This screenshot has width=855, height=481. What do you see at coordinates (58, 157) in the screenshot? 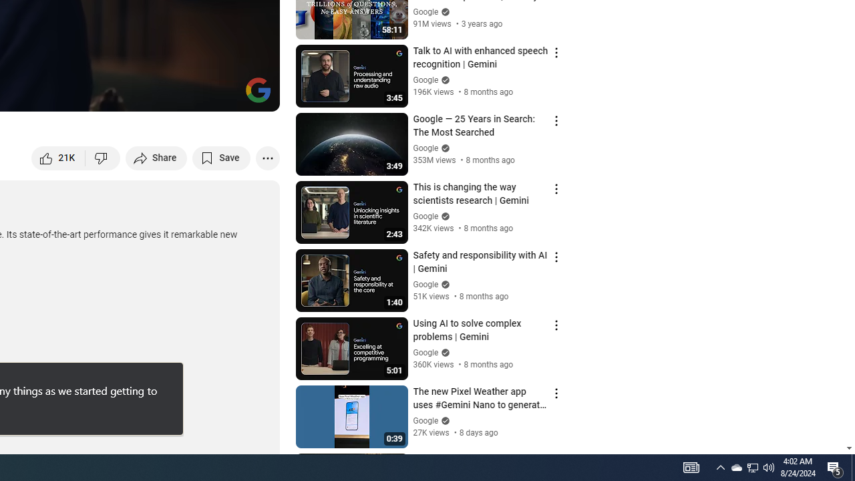
I see `'like this video along with 21,118 other people'` at bounding box center [58, 157].